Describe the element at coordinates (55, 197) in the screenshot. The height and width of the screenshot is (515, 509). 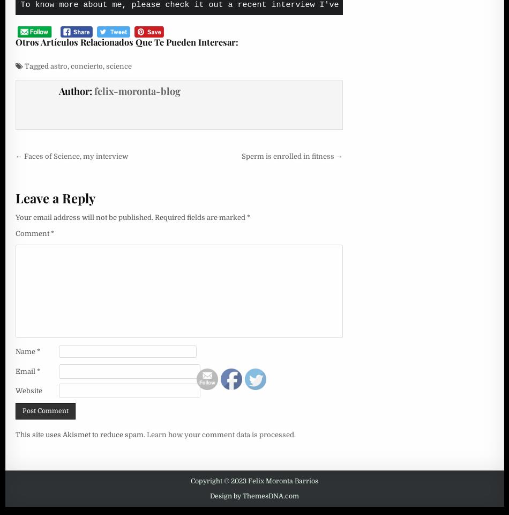
I see `'Leave a Reply'` at that location.